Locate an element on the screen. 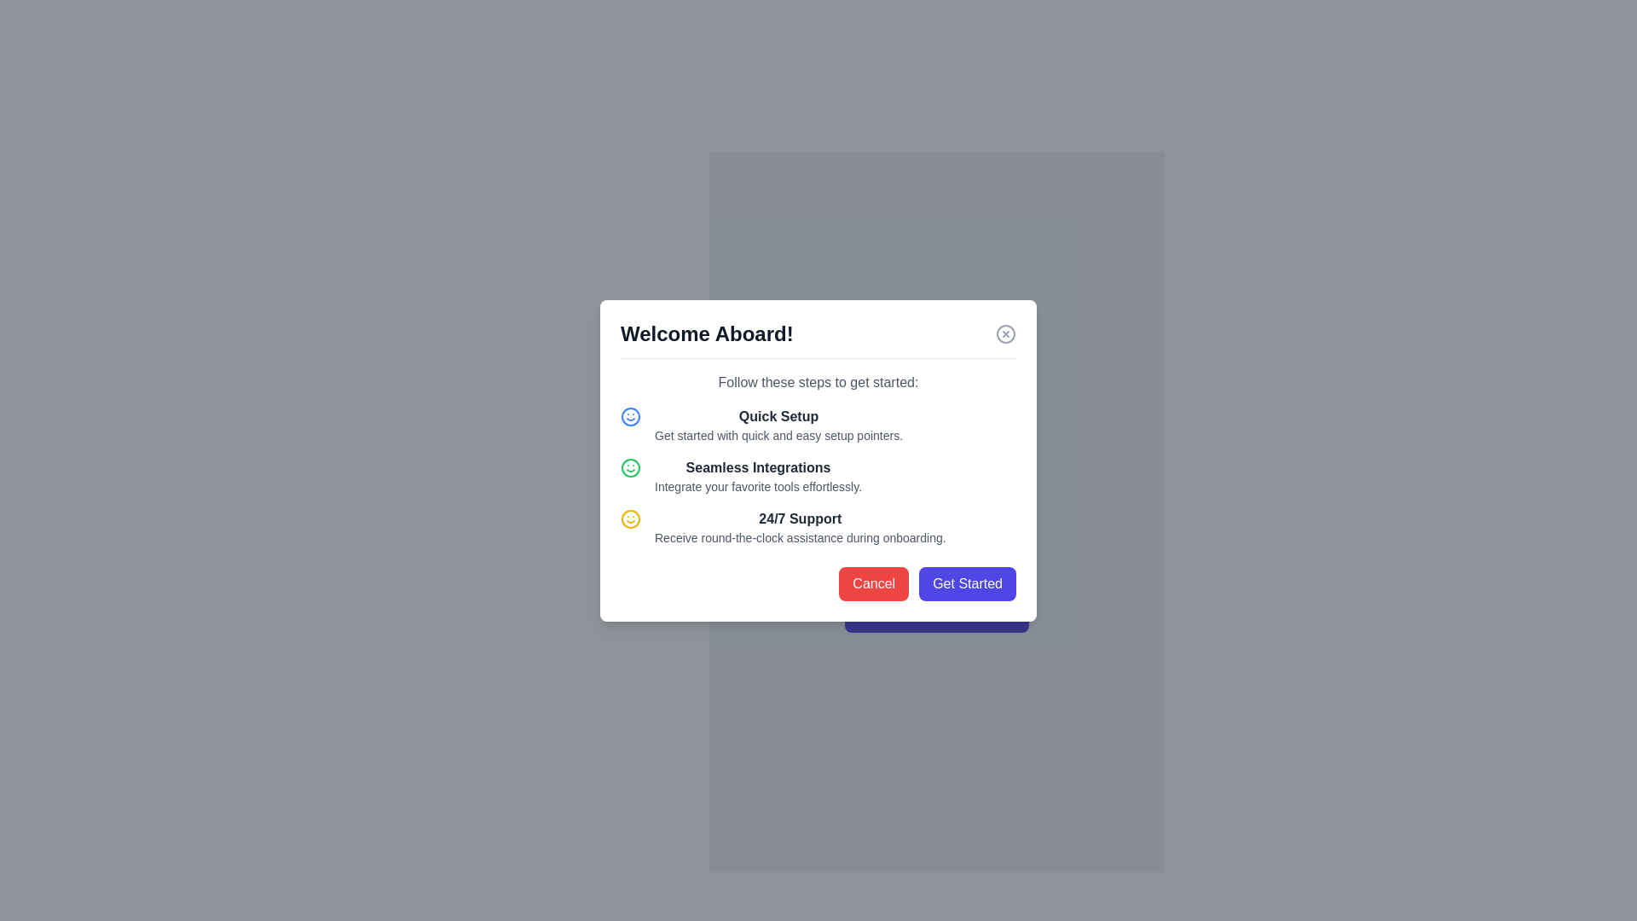 The height and width of the screenshot is (921, 1637). the SVG circle element that visually represents a positive sentiment, part of the green smiley face icon next to the 'Quick Setup' bullet point is located at coordinates (629, 467).